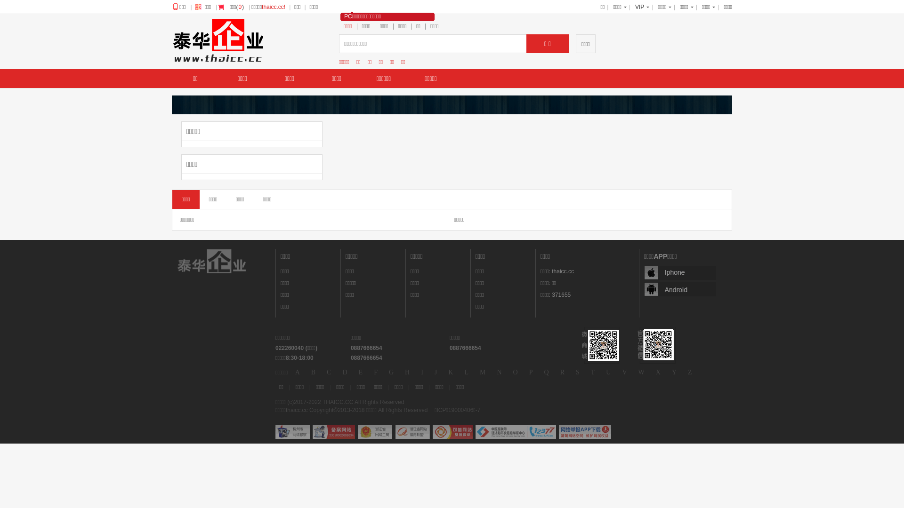 The width and height of the screenshot is (904, 508). I want to click on 'L', so click(461, 372).